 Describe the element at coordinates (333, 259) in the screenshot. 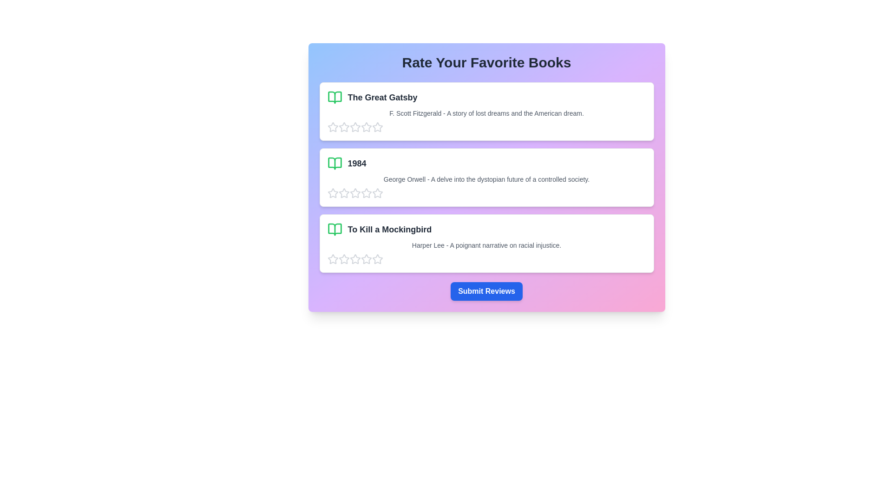

I see `the star corresponding to 1 for the book titled To Kill a Mockingbird` at that location.